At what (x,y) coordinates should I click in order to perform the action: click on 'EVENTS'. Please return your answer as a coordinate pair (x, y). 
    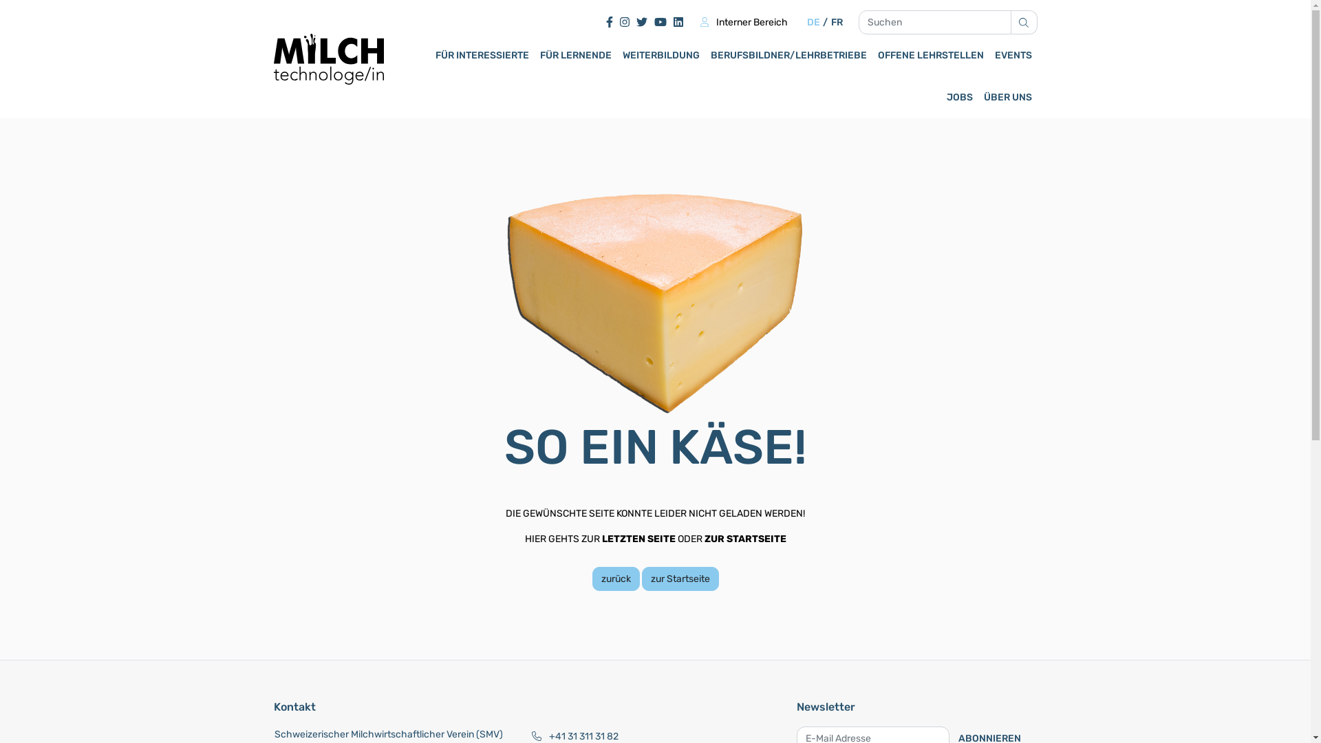
    Looking at the image, I should click on (989, 54).